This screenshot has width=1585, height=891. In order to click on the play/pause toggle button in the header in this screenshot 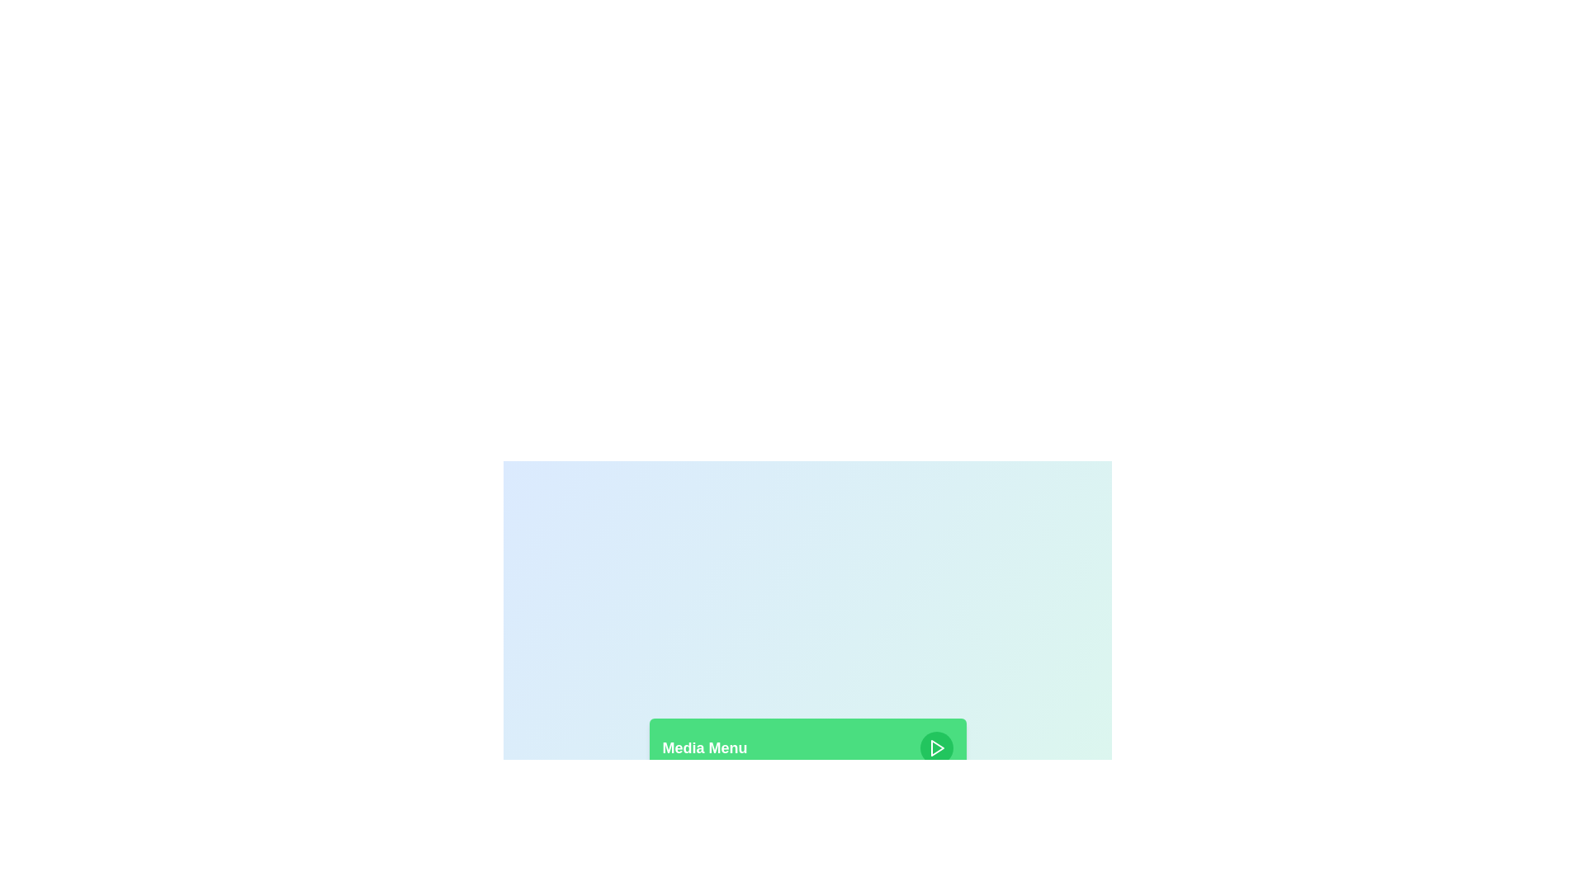, I will do `click(936, 747)`.